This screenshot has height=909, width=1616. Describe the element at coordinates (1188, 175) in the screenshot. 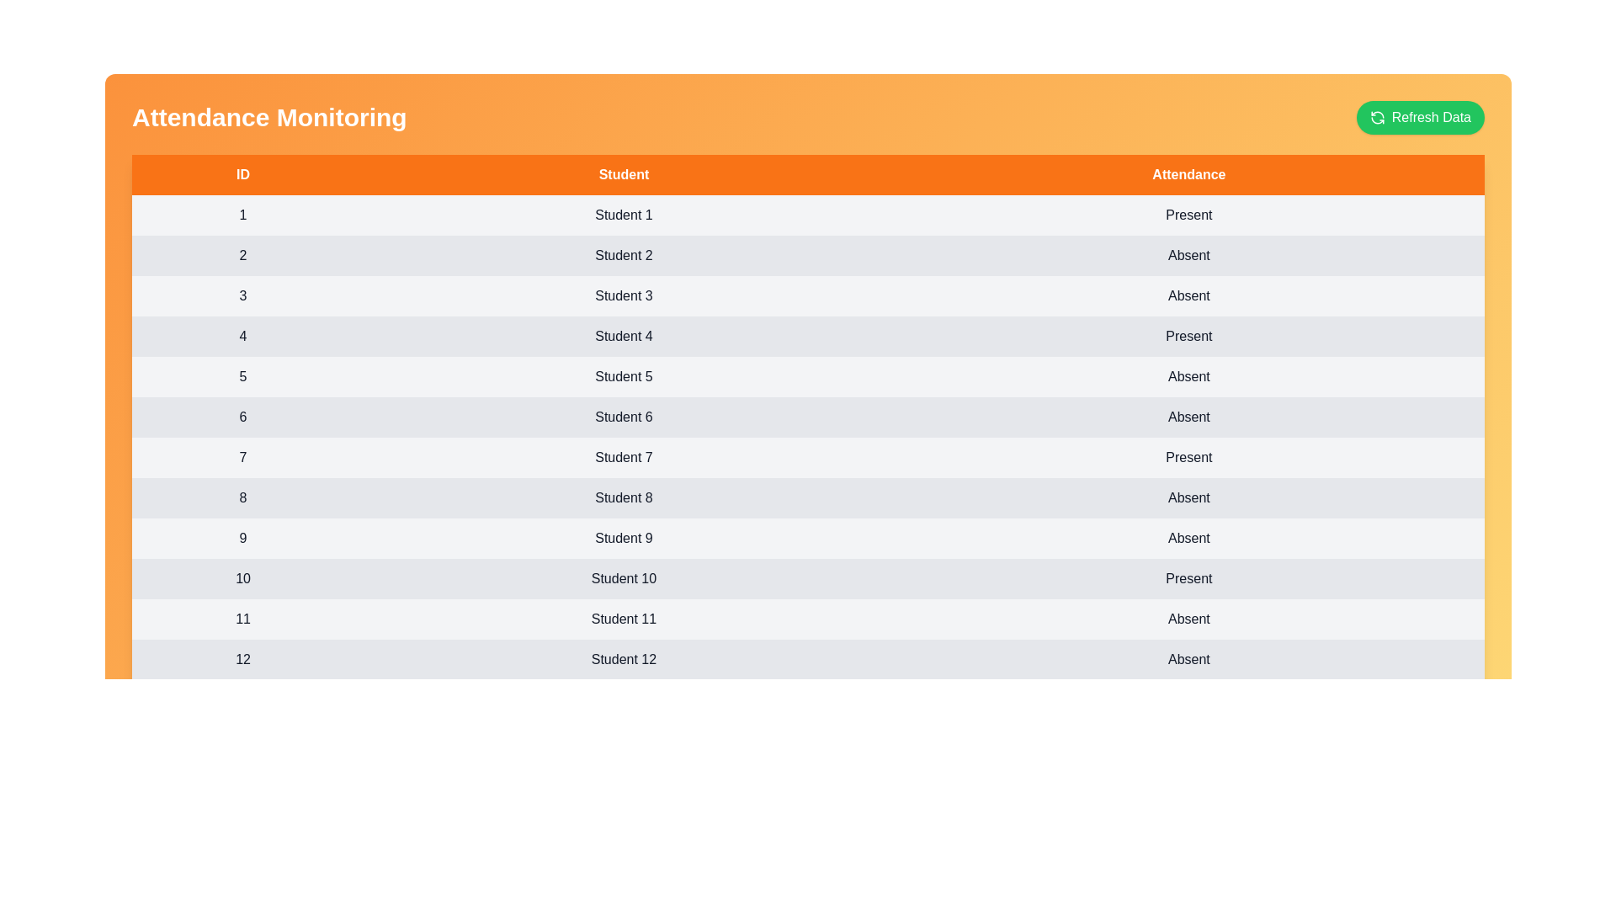

I see `the header Attendance to sort the table by that column` at that location.